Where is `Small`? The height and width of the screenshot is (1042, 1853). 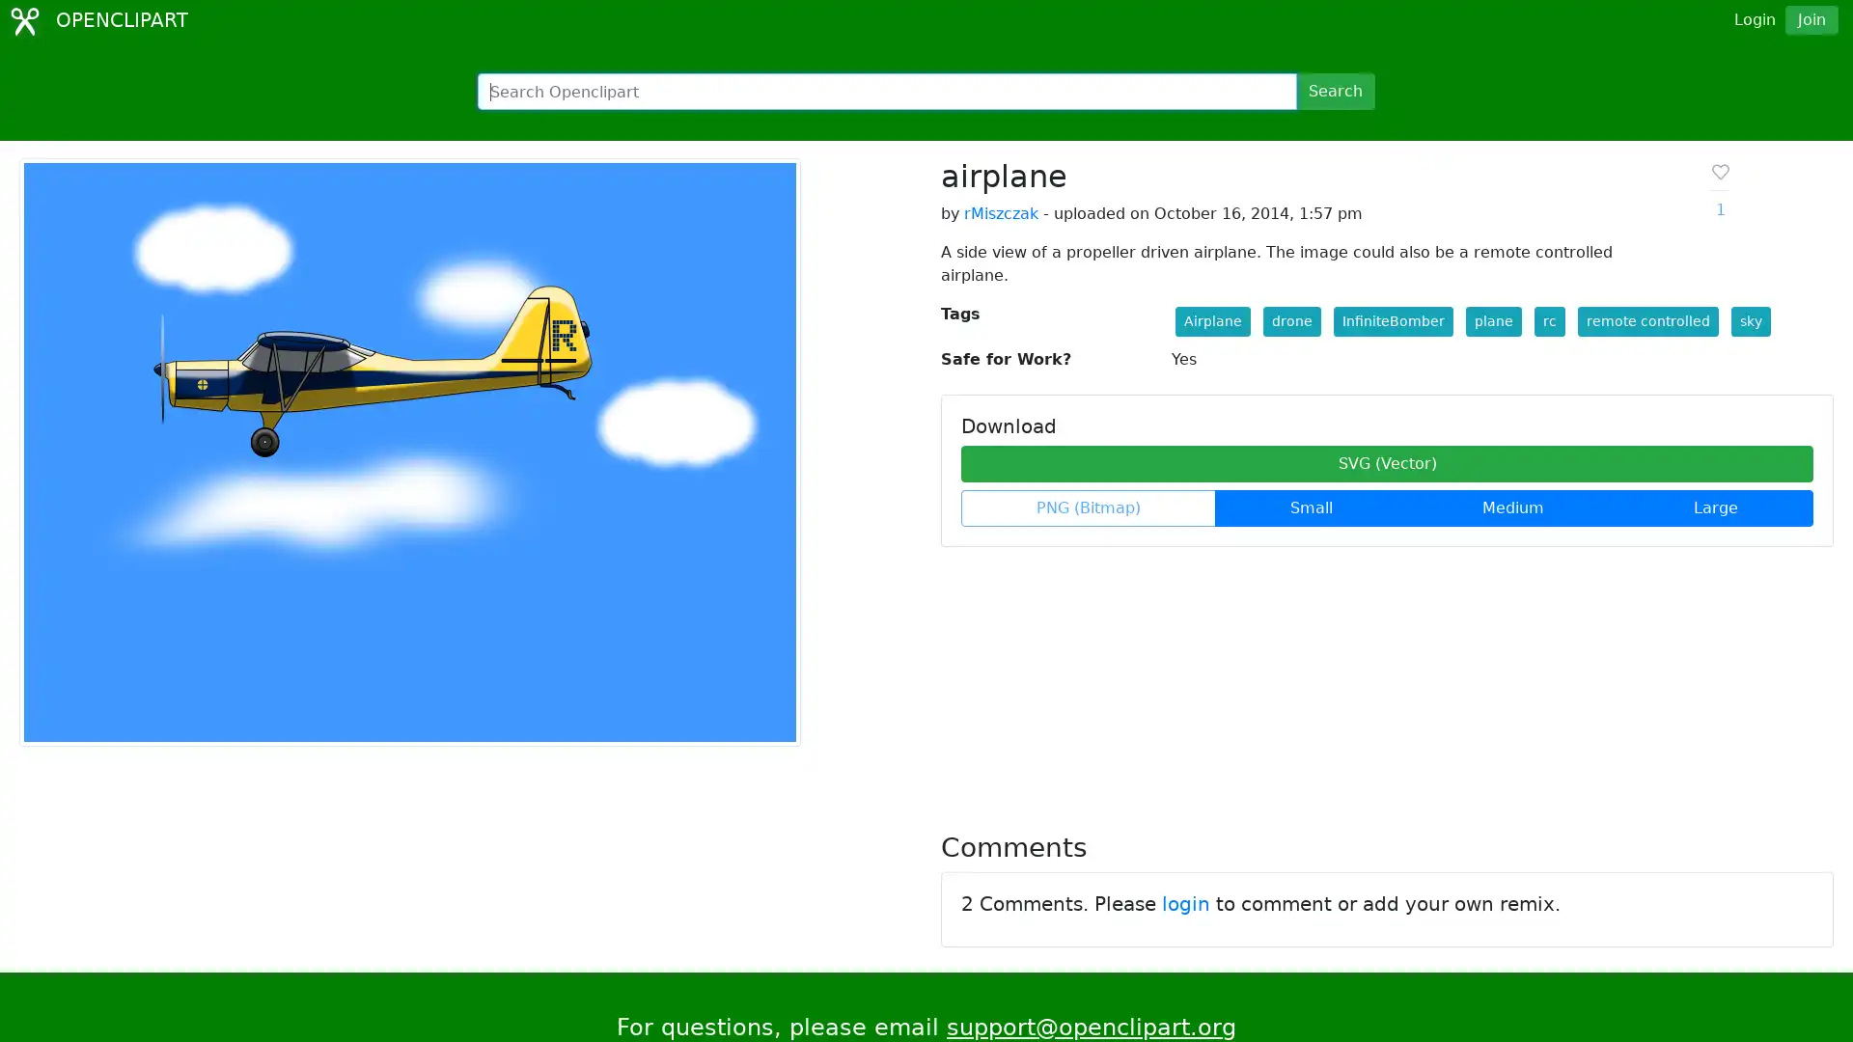 Small is located at coordinates (1311, 507).